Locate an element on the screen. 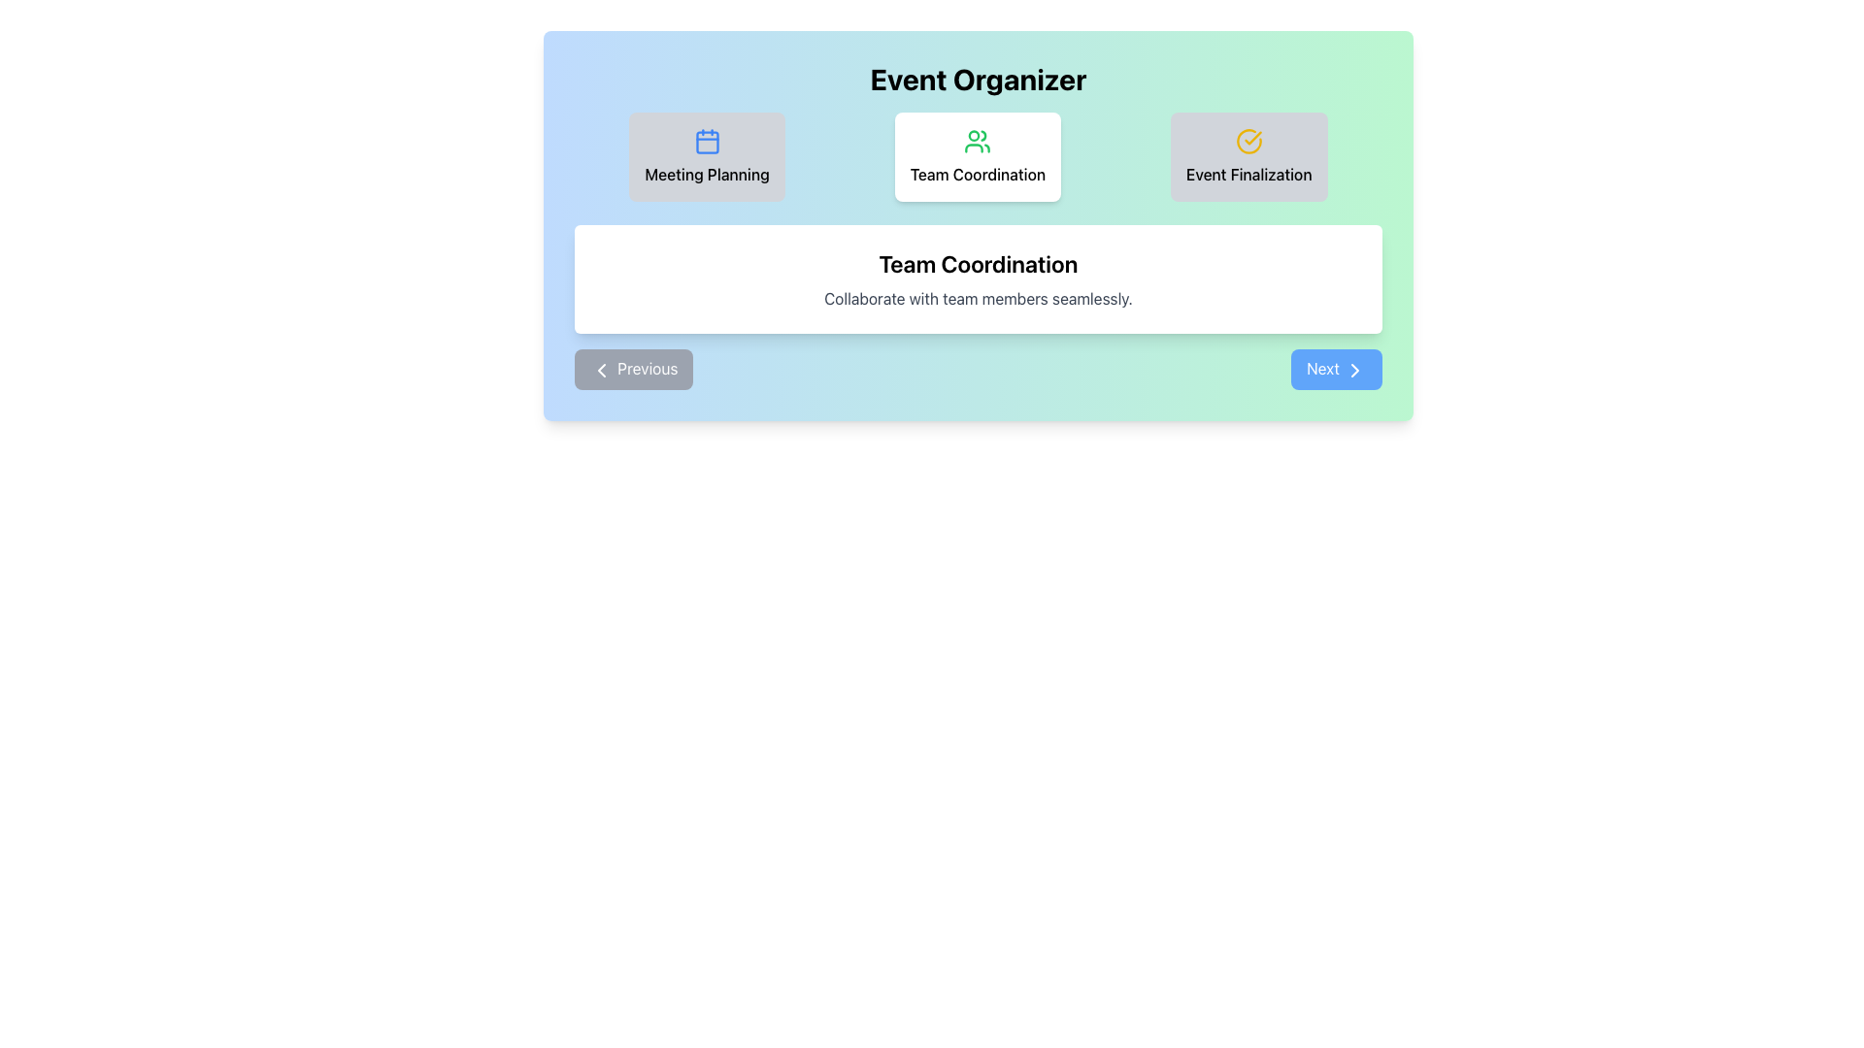 The height and width of the screenshot is (1048, 1864). the selectable card for managing or finalizing an event, which is the third card from the left in a horizontal group of three cards is located at coordinates (1248, 156).